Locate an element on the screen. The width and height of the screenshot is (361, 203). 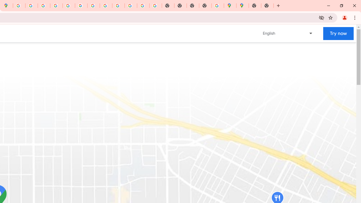
'YouTube' is located at coordinates (94, 6).